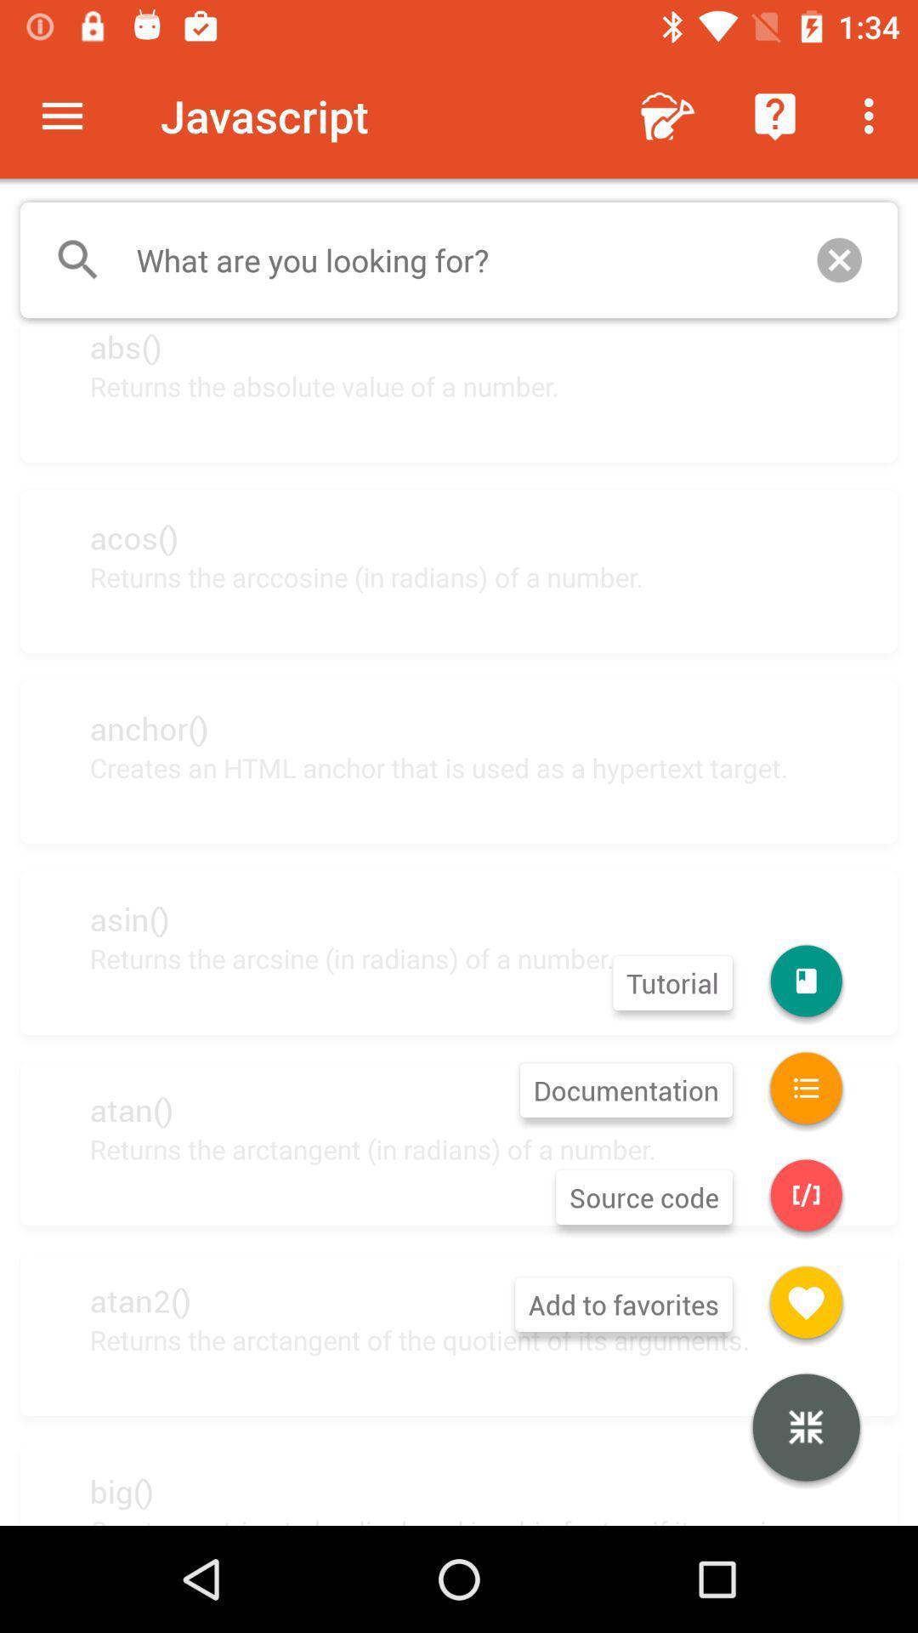  I want to click on item next to the javascript, so click(61, 115).